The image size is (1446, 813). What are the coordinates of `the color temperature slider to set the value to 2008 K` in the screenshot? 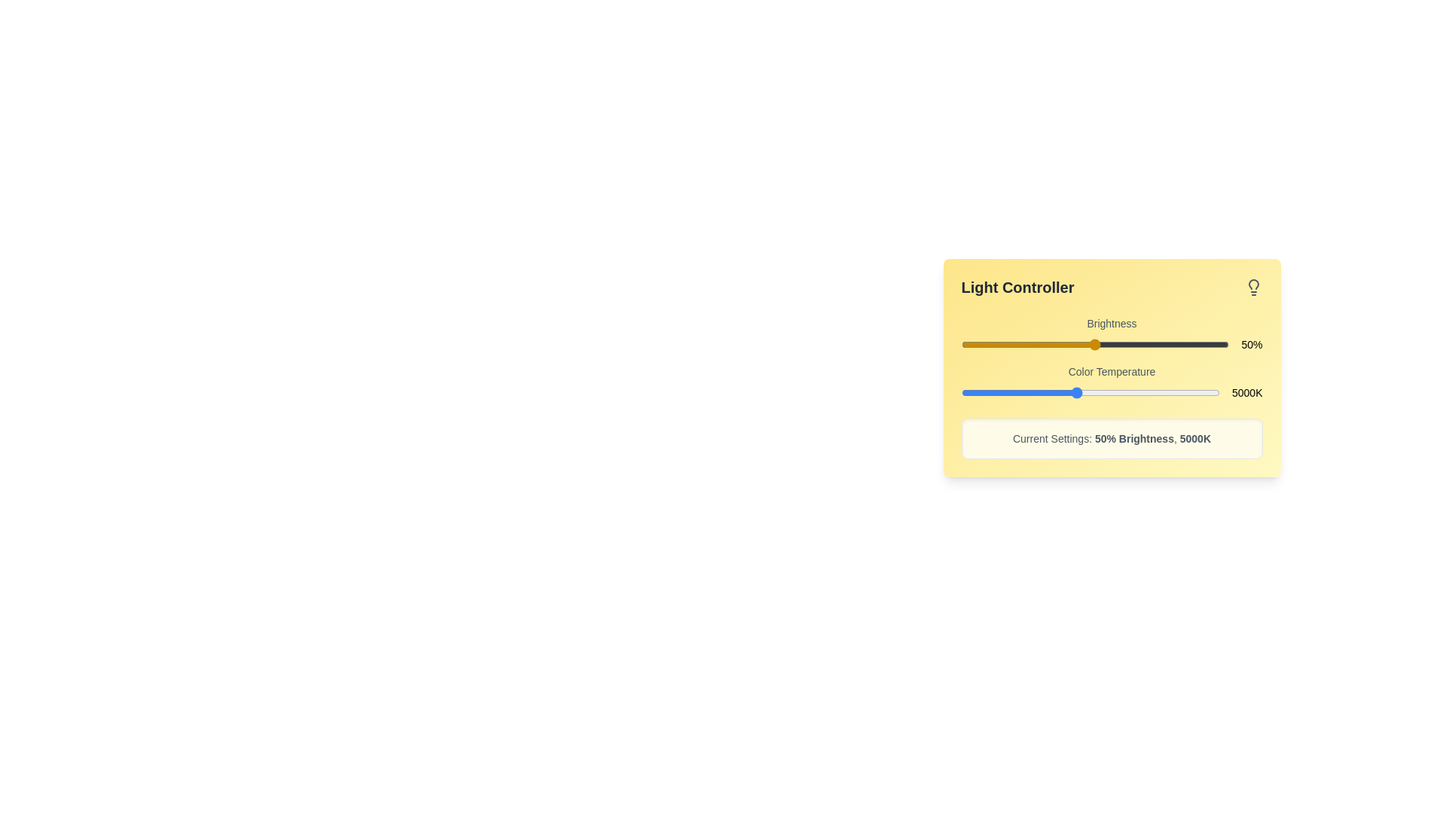 It's located at (990, 391).